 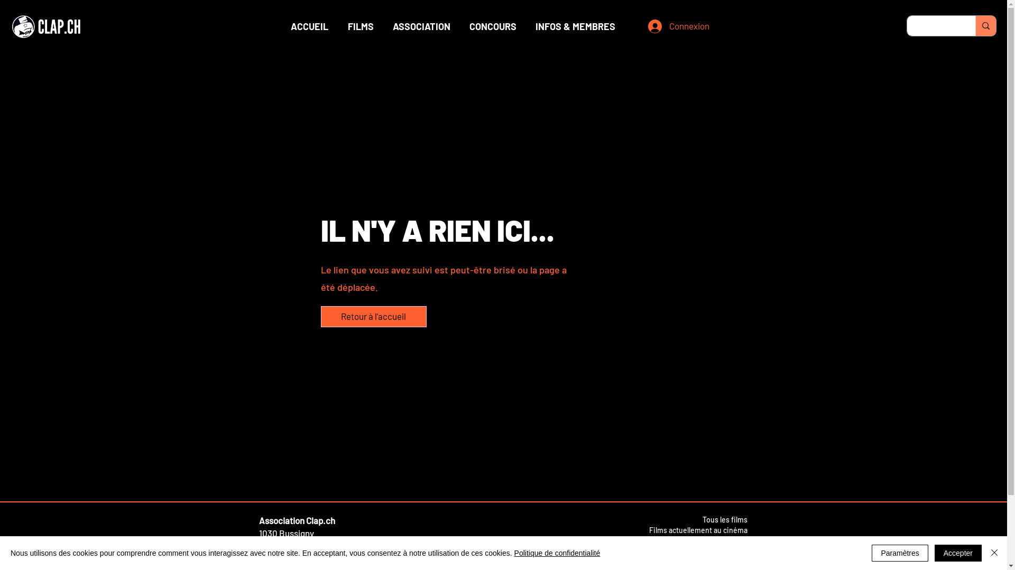 I want to click on 'CONCOURS', so click(x=492, y=26).